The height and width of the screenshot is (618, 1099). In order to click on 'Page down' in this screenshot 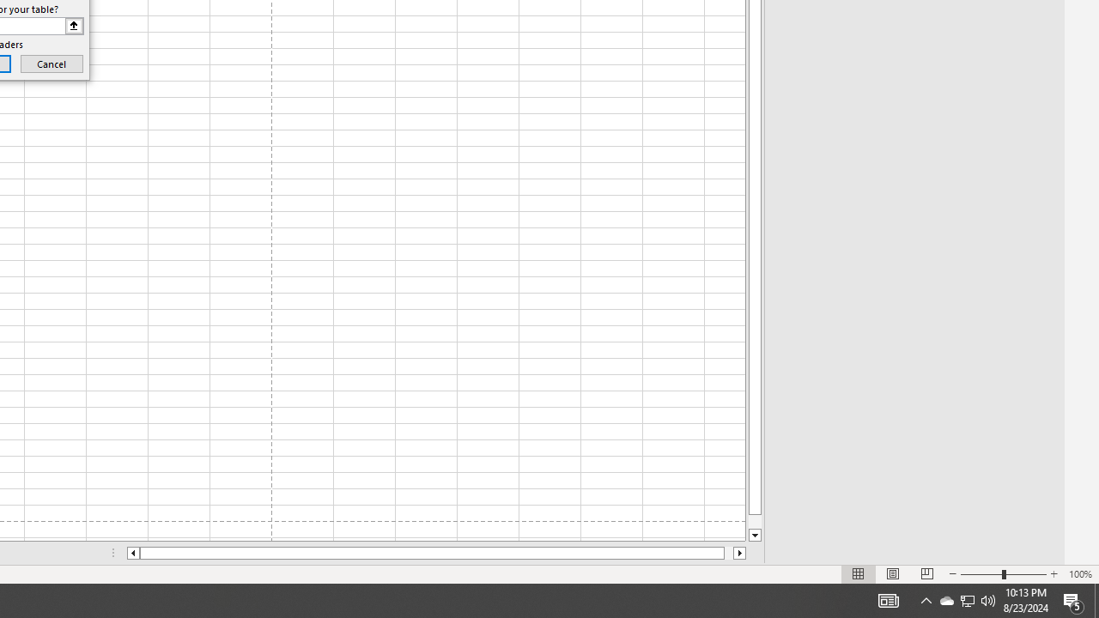, I will do `click(755, 521)`.